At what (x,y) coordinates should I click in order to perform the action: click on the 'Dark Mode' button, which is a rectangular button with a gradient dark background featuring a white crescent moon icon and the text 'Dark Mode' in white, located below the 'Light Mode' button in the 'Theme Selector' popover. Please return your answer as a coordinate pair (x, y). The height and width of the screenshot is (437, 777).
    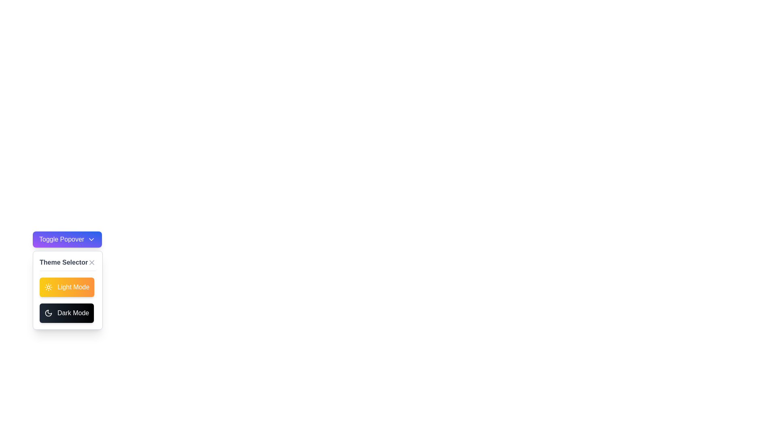
    Looking at the image, I should click on (67, 313).